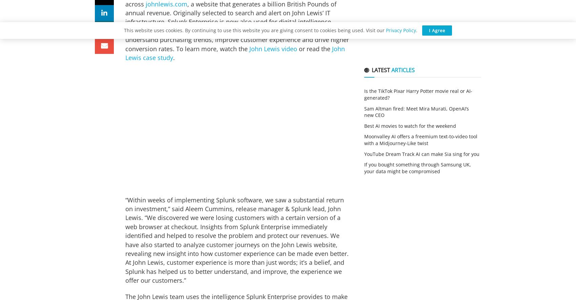 The width and height of the screenshot is (576, 300). I want to click on 'or read the', so click(314, 48).